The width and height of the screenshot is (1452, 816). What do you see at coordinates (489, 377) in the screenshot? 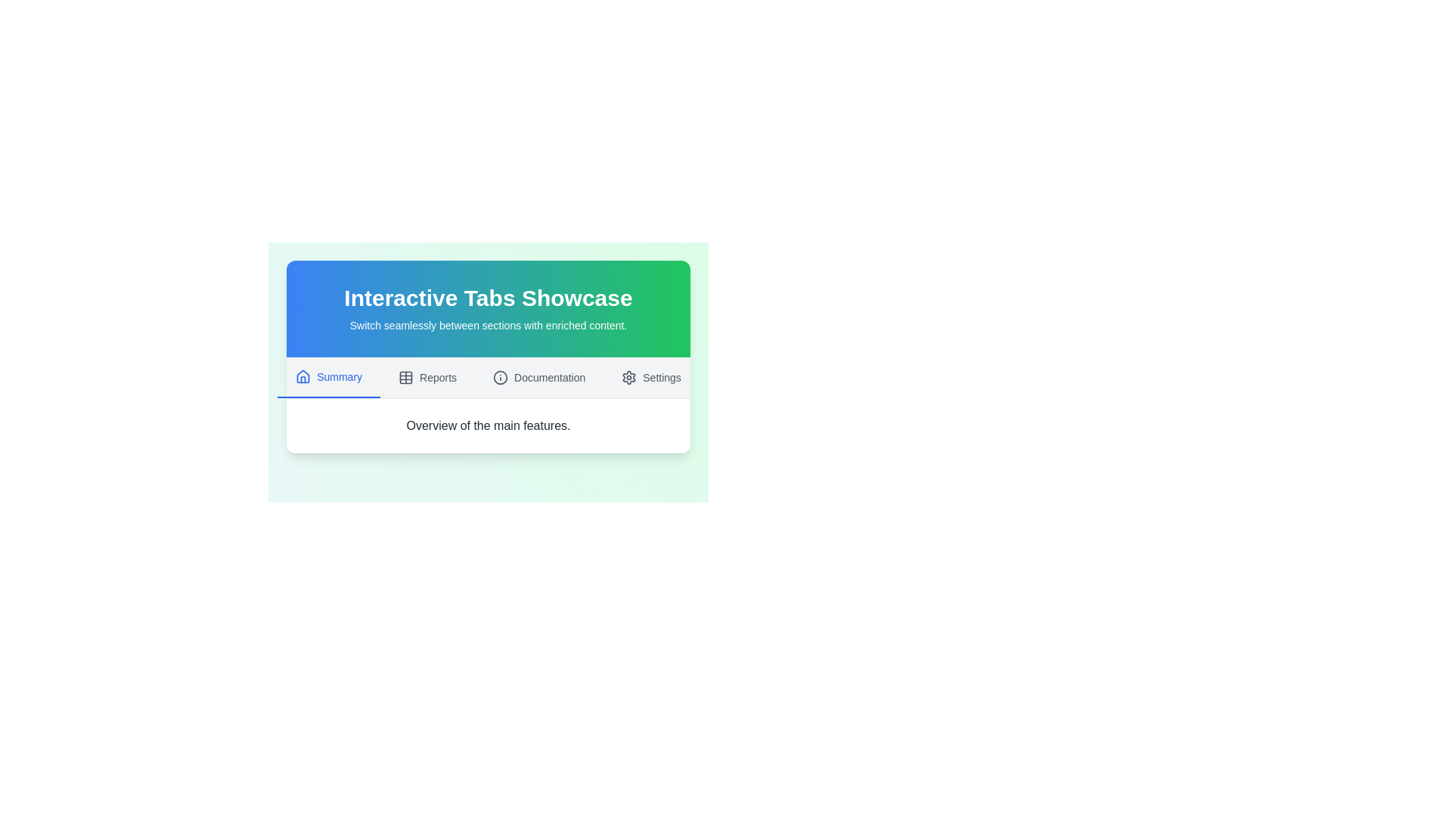
I see `the icon in the central navigation bar` at bounding box center [489, 377].